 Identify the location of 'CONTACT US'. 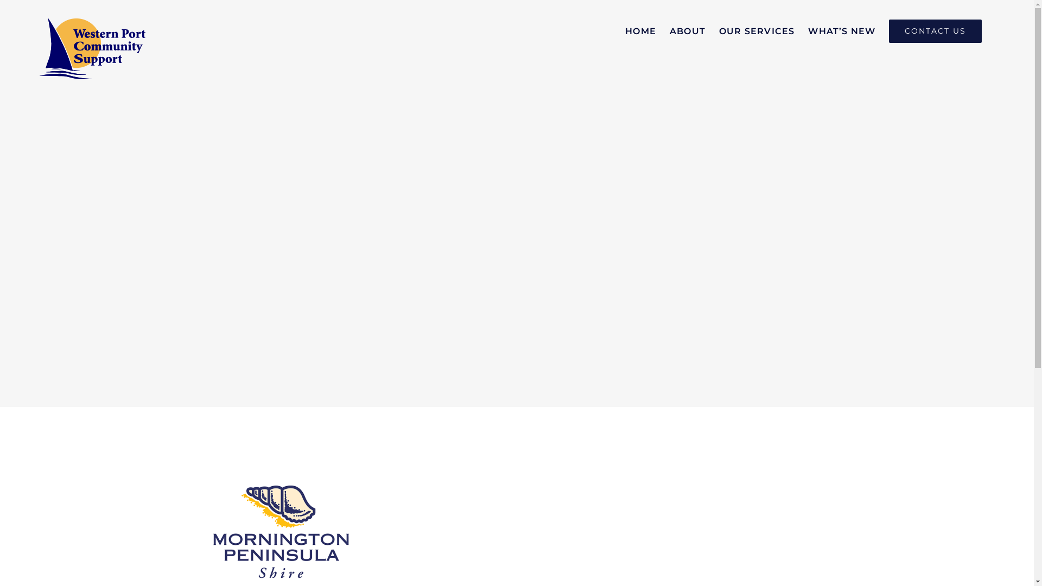
(935, 30).